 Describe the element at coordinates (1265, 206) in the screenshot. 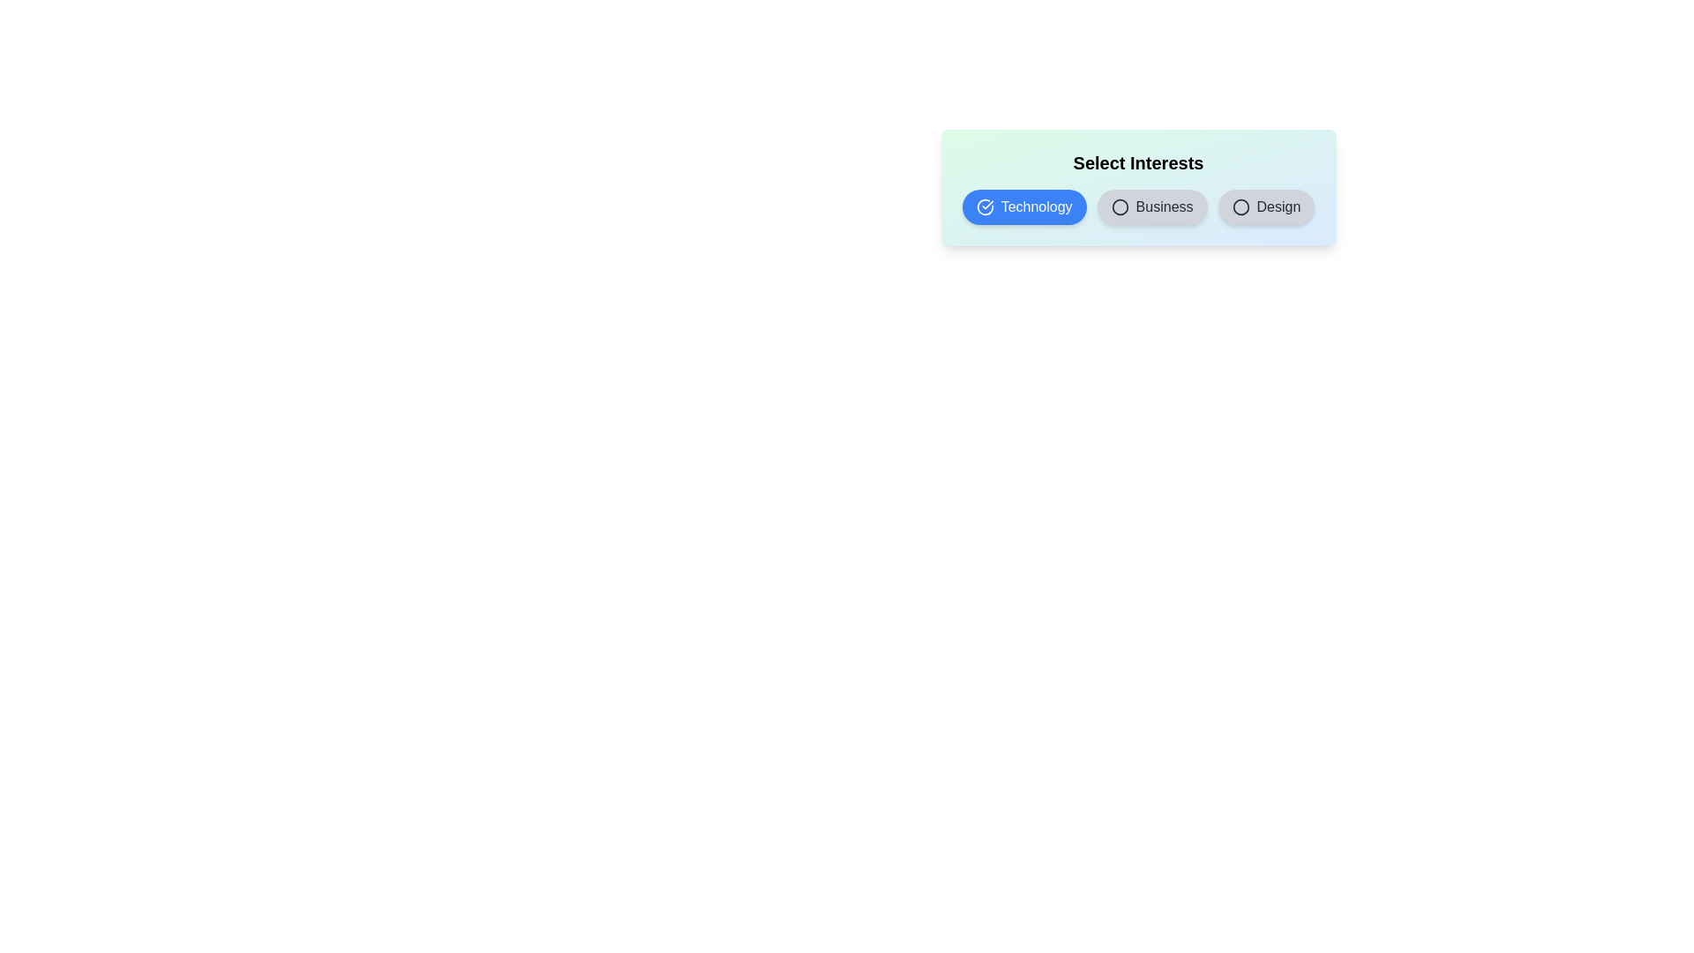

I see `the tag Design` at that location.